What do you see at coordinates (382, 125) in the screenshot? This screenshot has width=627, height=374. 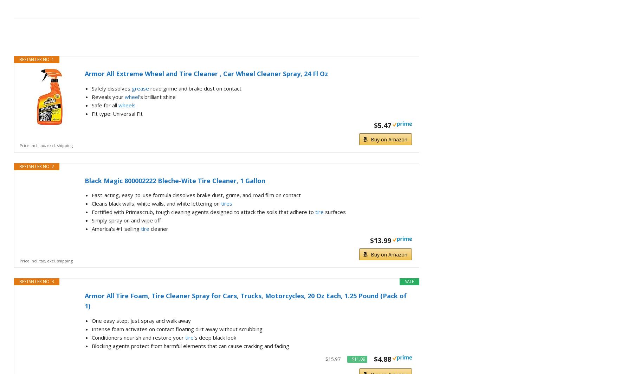 I see `'$5.47'` at bounding box center [382, 125].